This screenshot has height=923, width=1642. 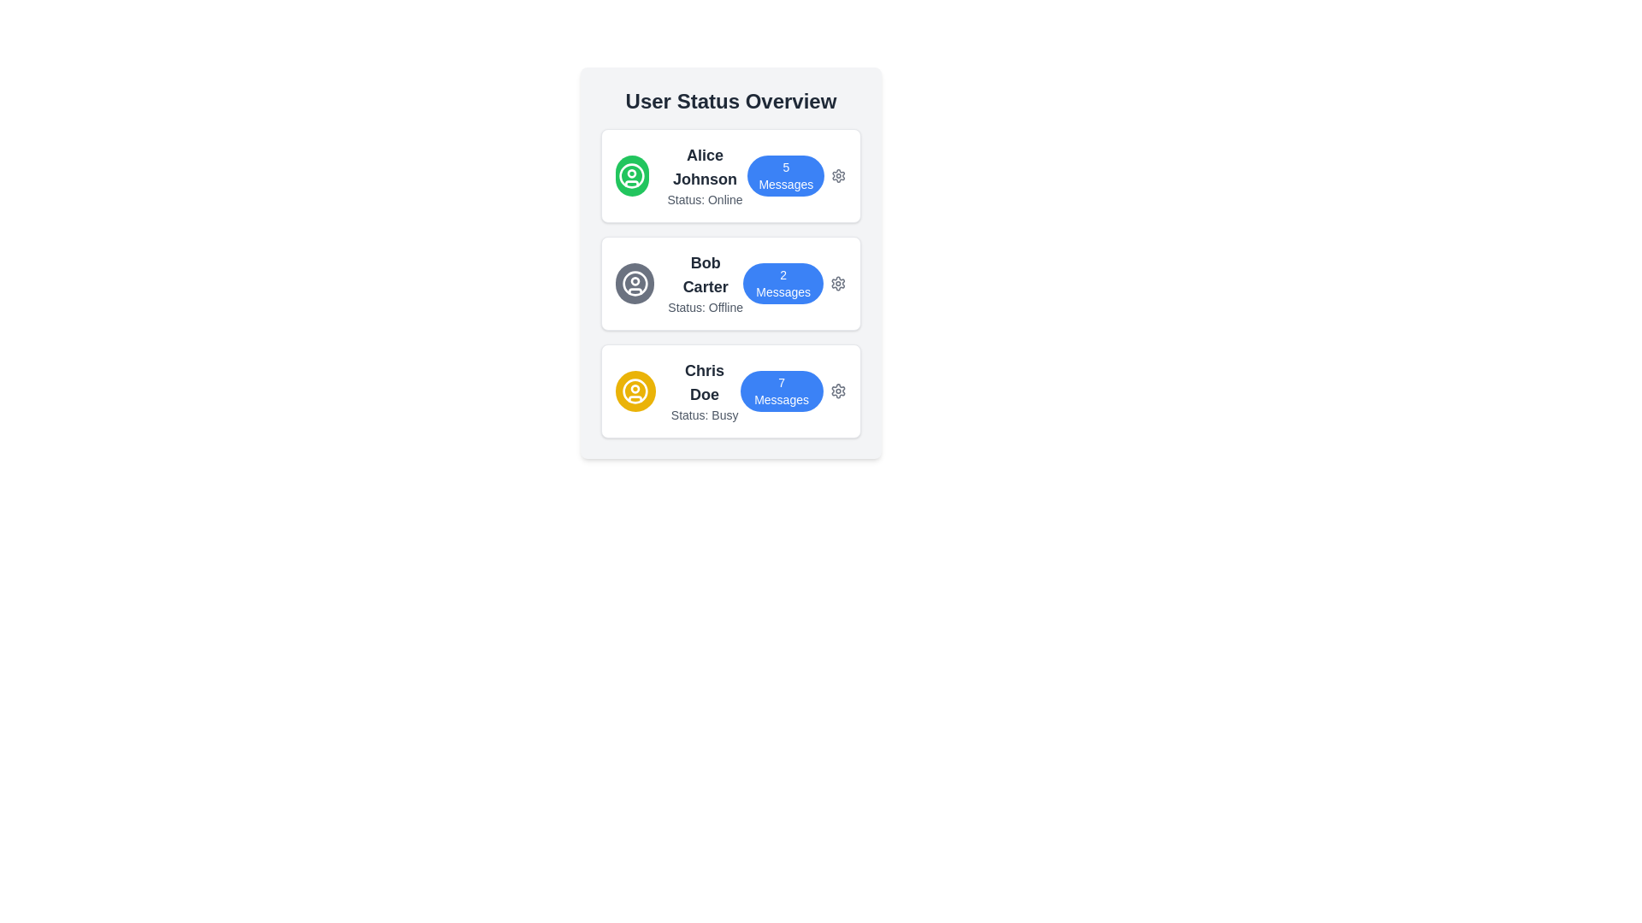 What do you see at coordinates (705, 199) in the screenshot?
I see `the Text label indicating 'Online' status of user 'Alice Johnson', located below the user's name in the 'User Status Overview' card` at bounding box center [705, 199].